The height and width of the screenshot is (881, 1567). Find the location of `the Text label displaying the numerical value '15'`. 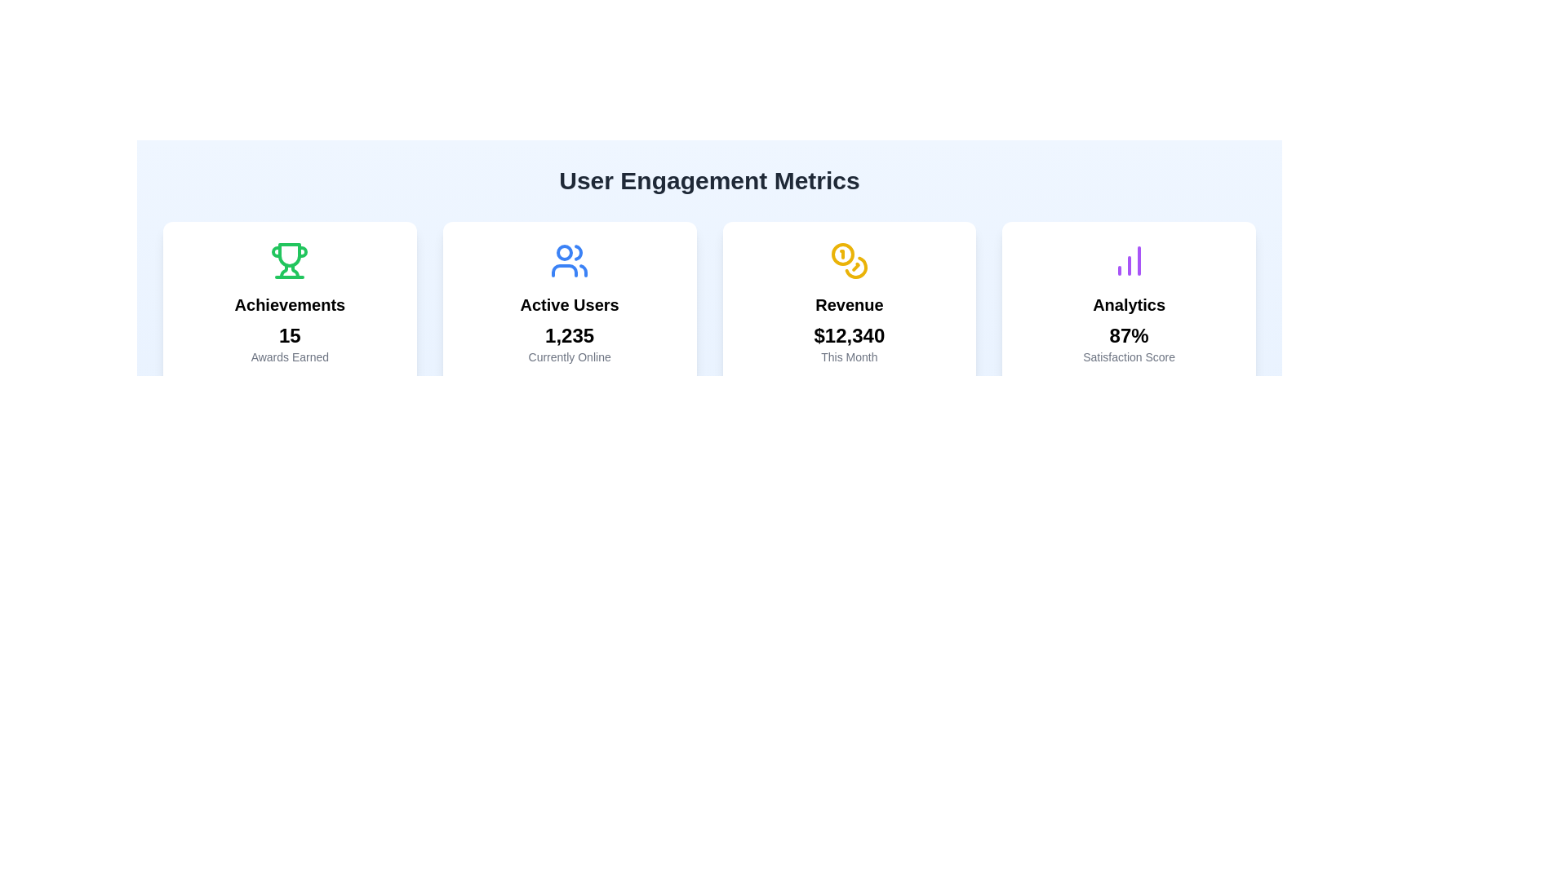

the Text label displaying the numerical value '15' is located at coordinates (290, 335).